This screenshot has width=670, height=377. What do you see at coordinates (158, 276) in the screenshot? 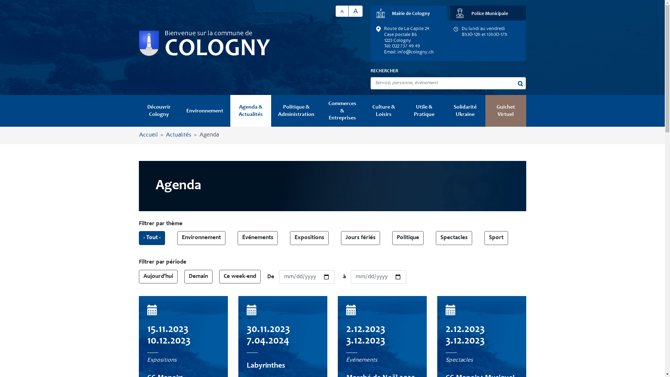
I see `'Aujourd'hui'` at bounding box center [158, 276].